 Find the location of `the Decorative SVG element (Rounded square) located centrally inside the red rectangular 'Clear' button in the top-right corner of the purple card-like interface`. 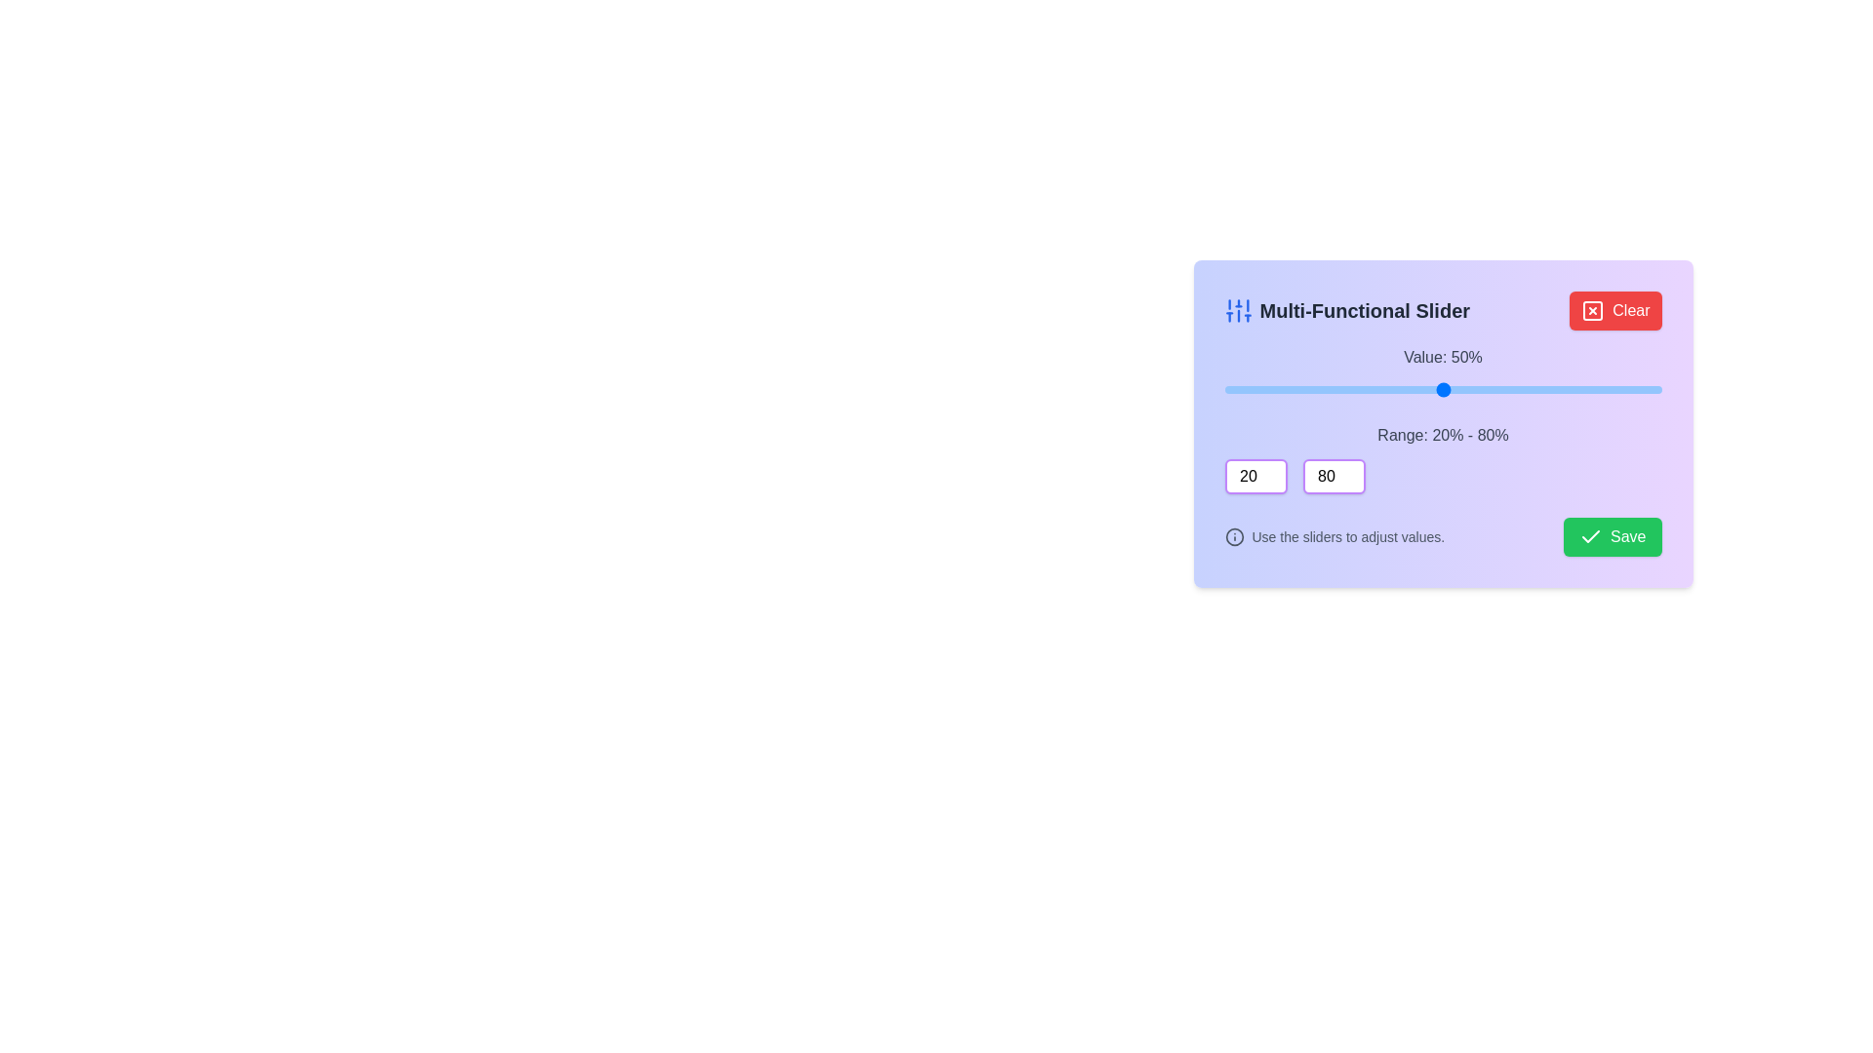

the Decorative SVG element (Rounded square) located centrally inside the red rectangular 'Clear' button in the top-right corner of the purple card-like interface is located at coordinates (1593, 310).